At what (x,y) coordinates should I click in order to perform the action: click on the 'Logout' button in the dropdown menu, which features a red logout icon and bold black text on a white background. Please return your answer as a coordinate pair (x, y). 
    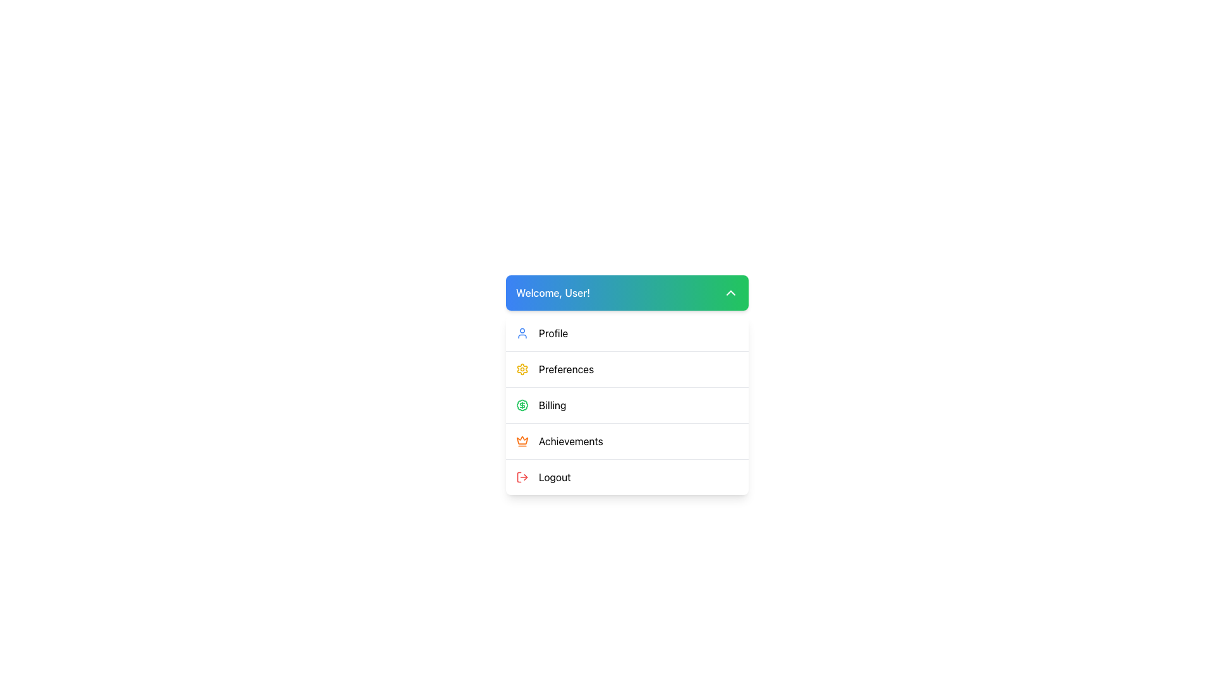
    Looking at the image, I should click on (627, 477).